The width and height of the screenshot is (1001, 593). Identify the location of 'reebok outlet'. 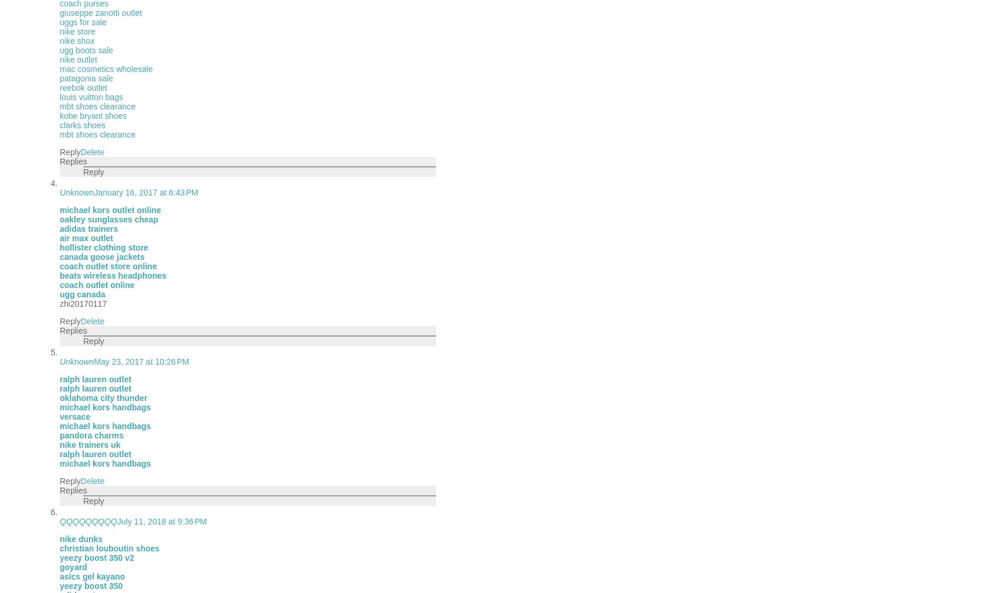
(83, 88).